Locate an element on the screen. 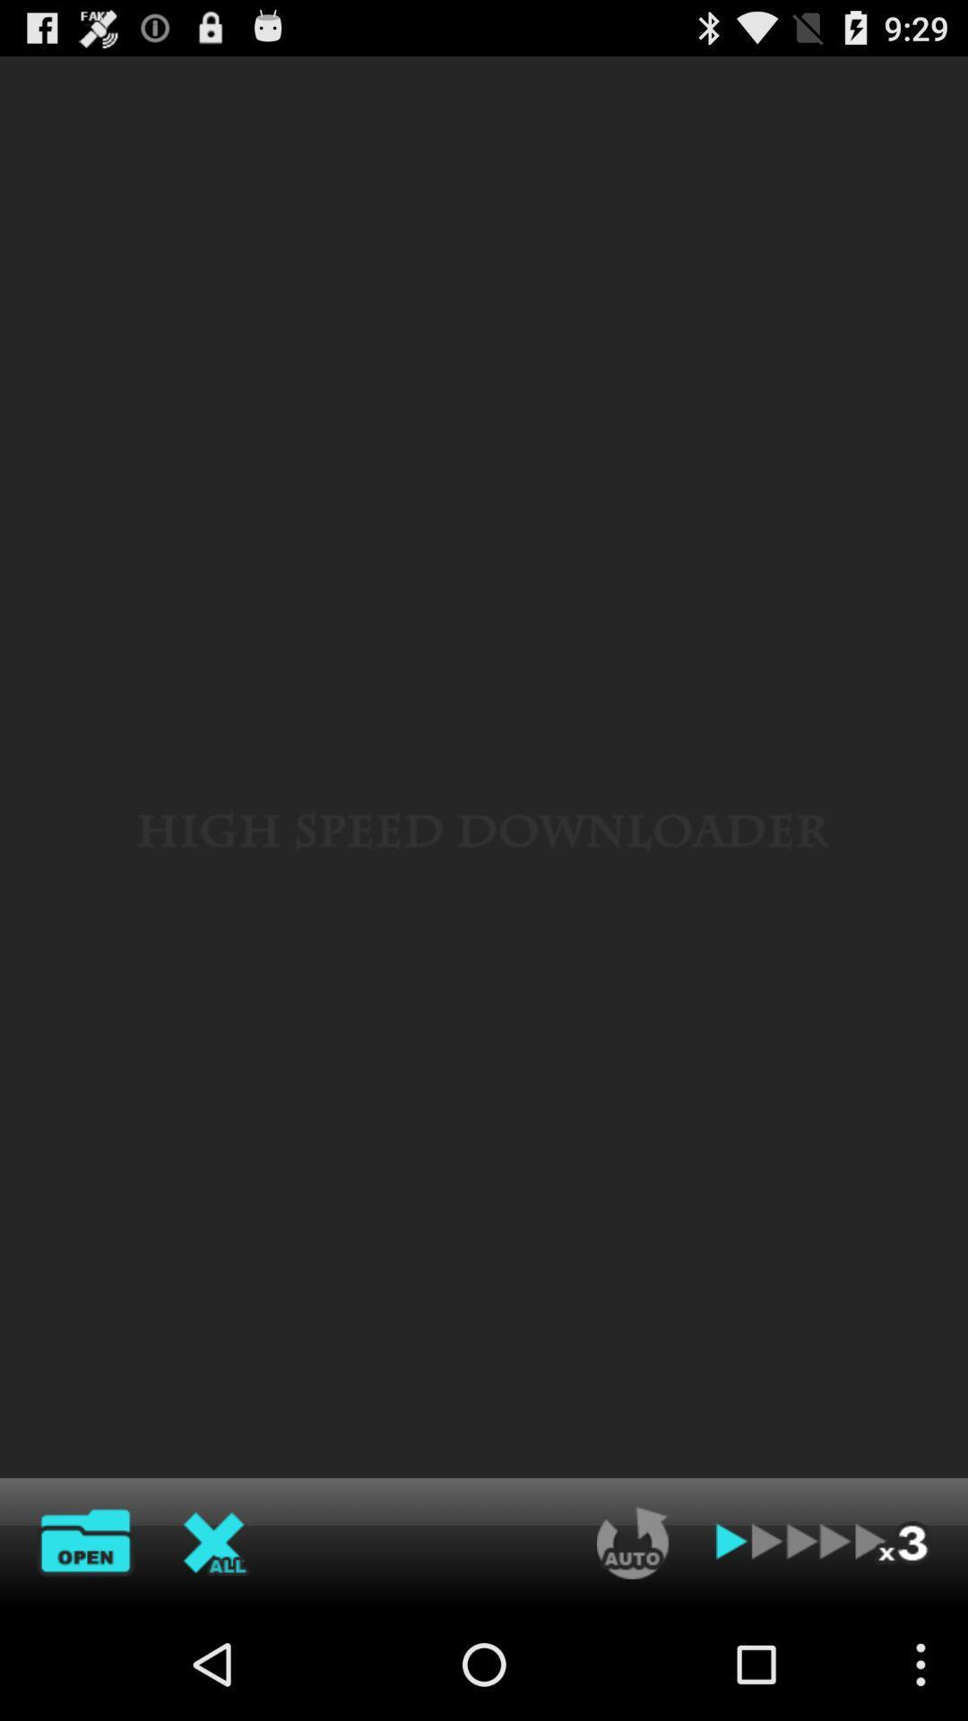 The height and width of the screenshot is (1721, 968). auto refresh is located at coordinates (632, 1542).